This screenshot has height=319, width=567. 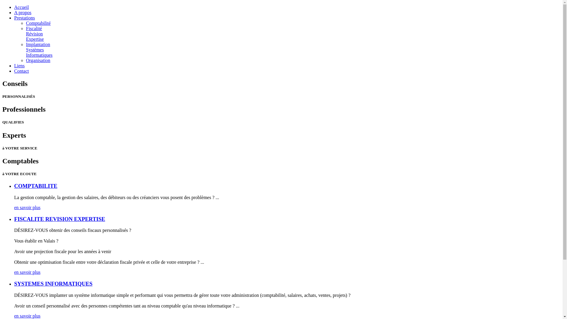 What do you see at coordinates (35, 185) in the screenshot?
I see `'COMPTABILITE'` at bounding box center [35, 185].